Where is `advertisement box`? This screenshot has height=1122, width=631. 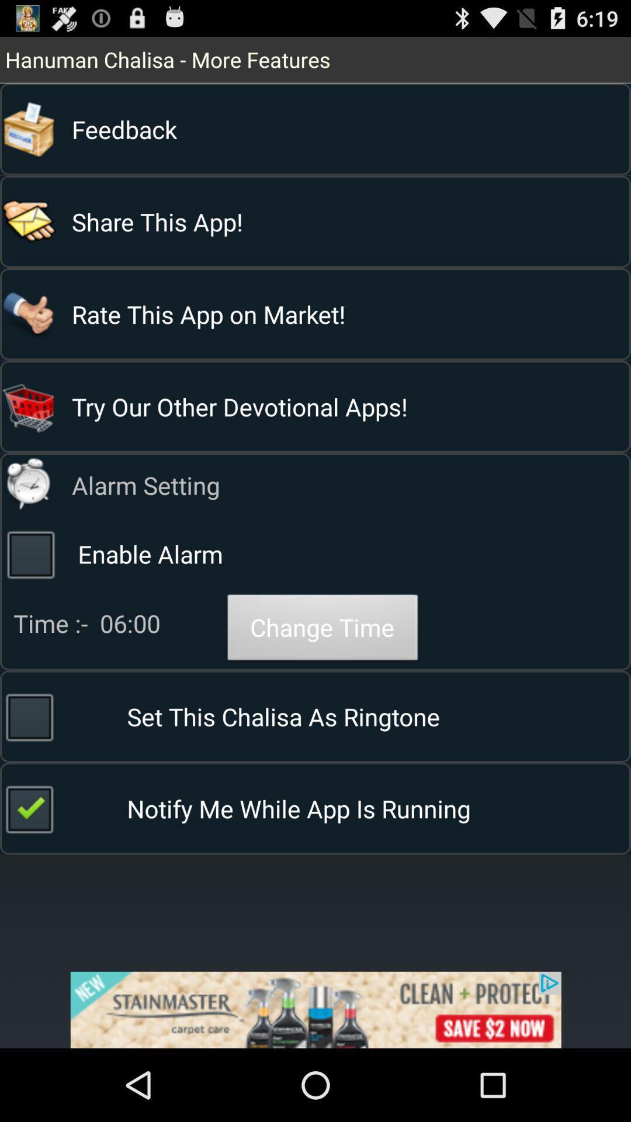 advertisement box is located at coordinates (315, 1009).